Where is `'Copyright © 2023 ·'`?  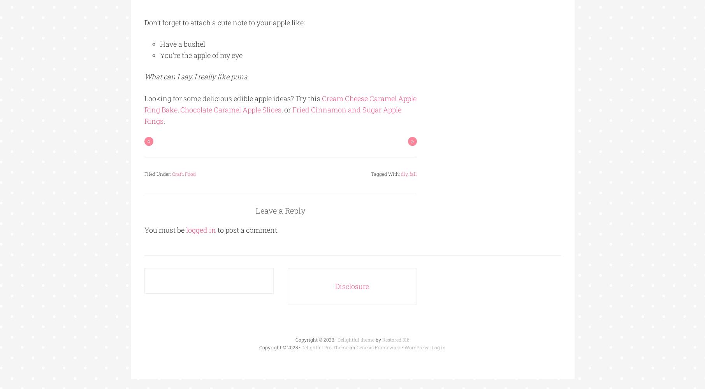
'Copyright © 2023 ·' is located at coordinates (280, 347).